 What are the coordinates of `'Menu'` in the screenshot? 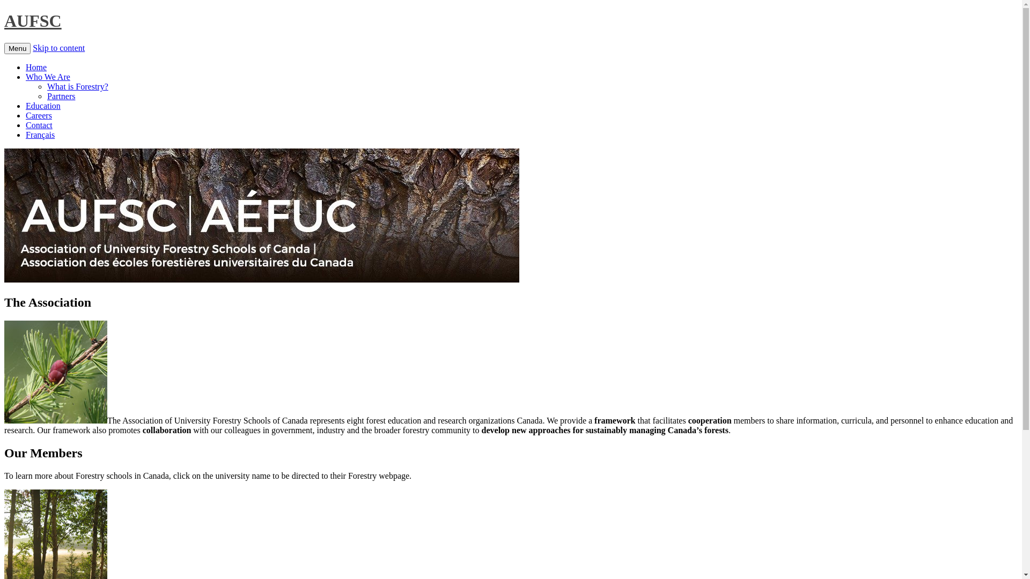 It's located at (17, 48).